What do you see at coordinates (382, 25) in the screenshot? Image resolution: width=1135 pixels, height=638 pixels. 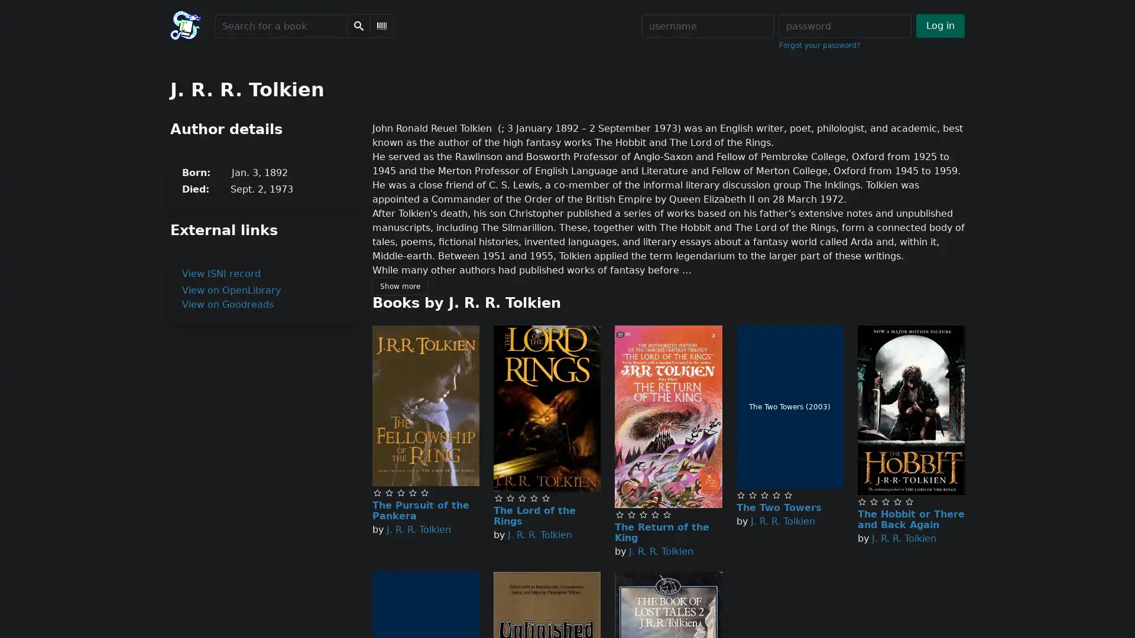 I see `Scan Barcode` at bounding box center [382, 25].